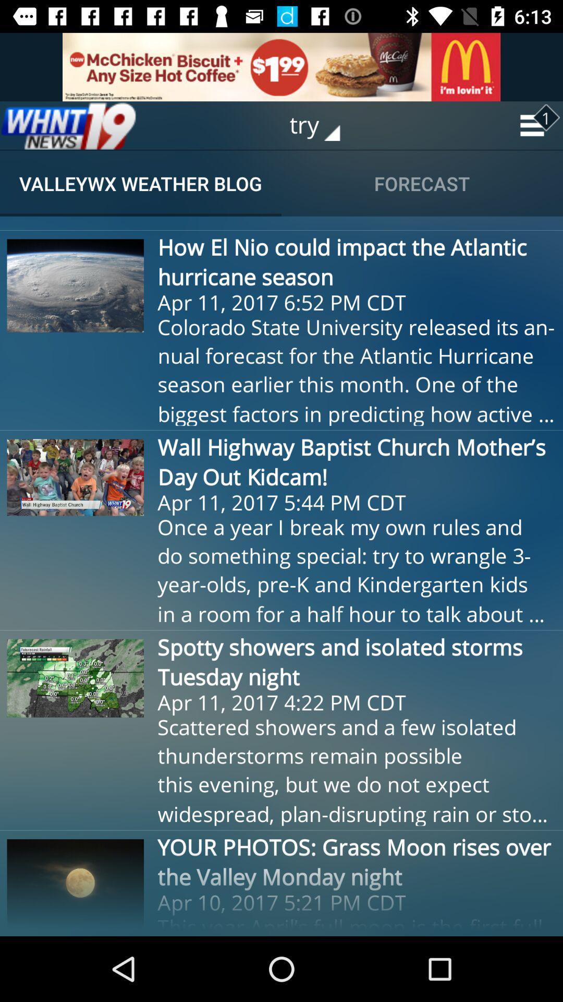 The image size is (563, 1002). What do you see at coordinates (68, 125) in the screenshot?
I see `home` at bounding box center [68, 125].